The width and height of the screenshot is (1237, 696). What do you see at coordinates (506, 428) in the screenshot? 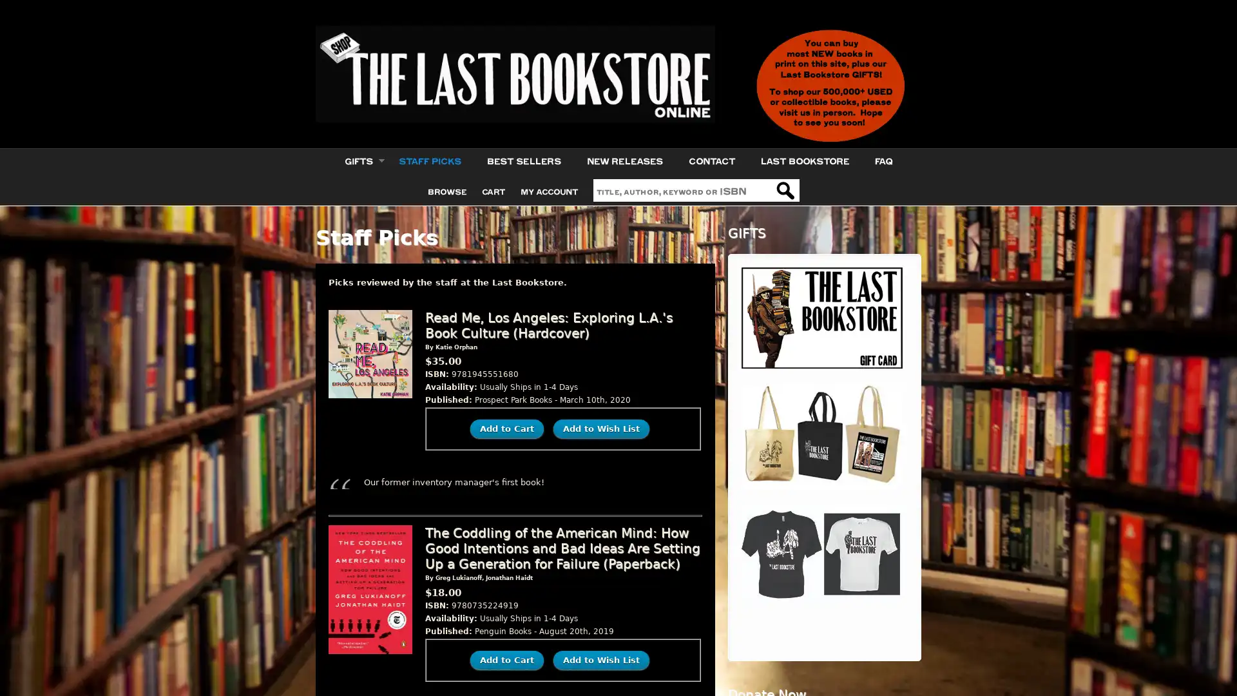
I see `Add to Cart` at bounding box center [506, 428].